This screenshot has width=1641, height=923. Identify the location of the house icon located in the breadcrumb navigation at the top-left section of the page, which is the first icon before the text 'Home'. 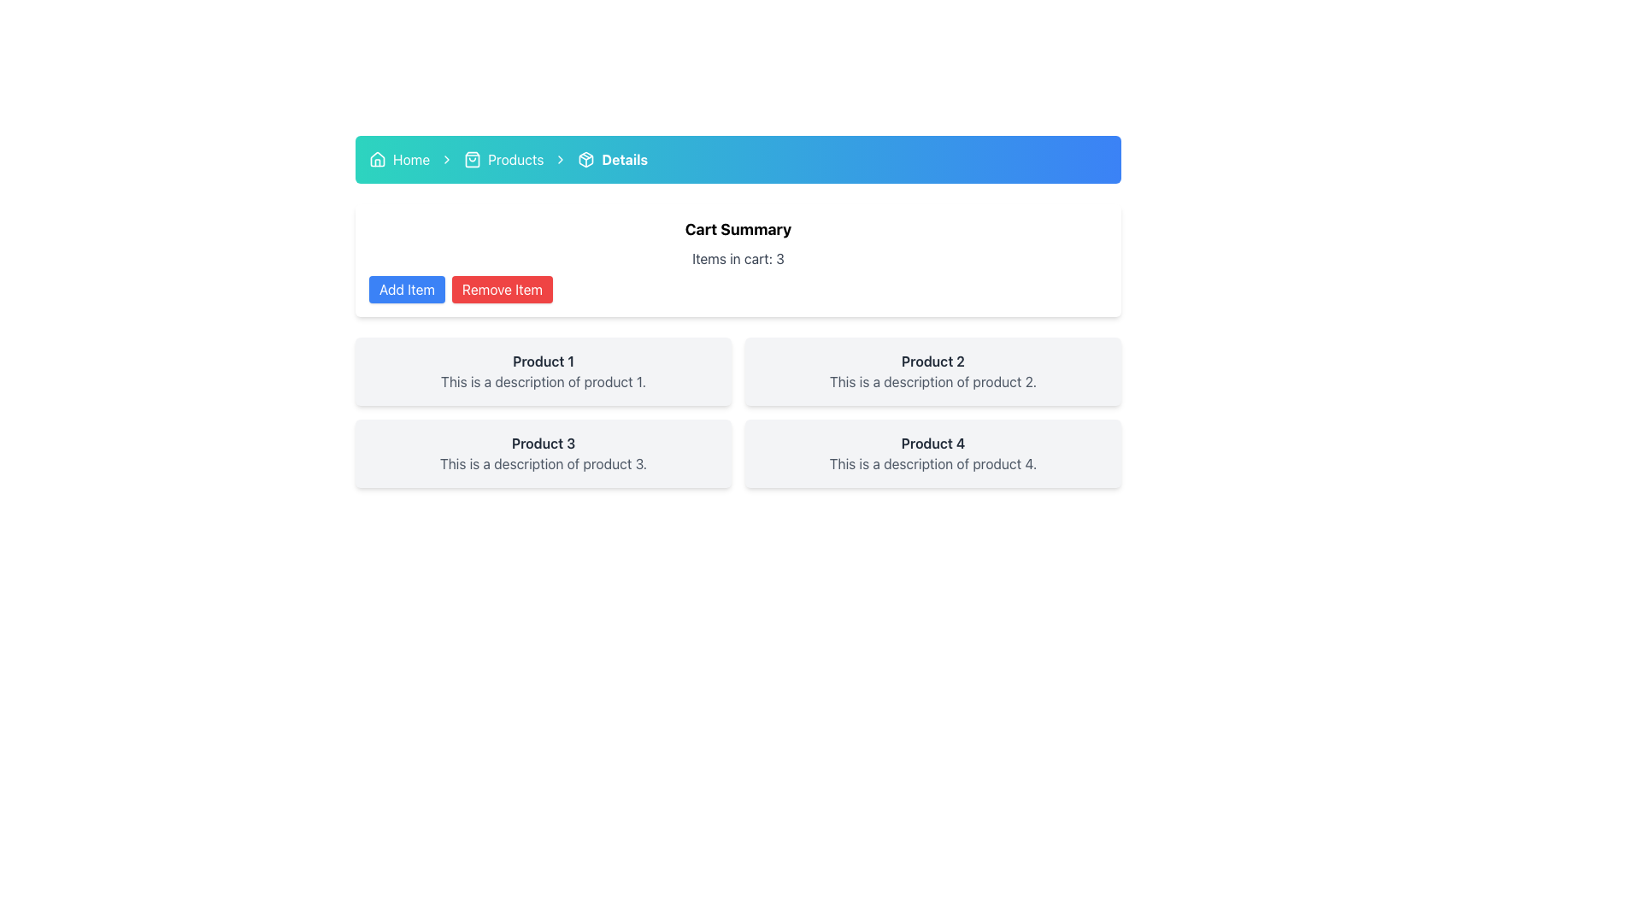
(376, 158).